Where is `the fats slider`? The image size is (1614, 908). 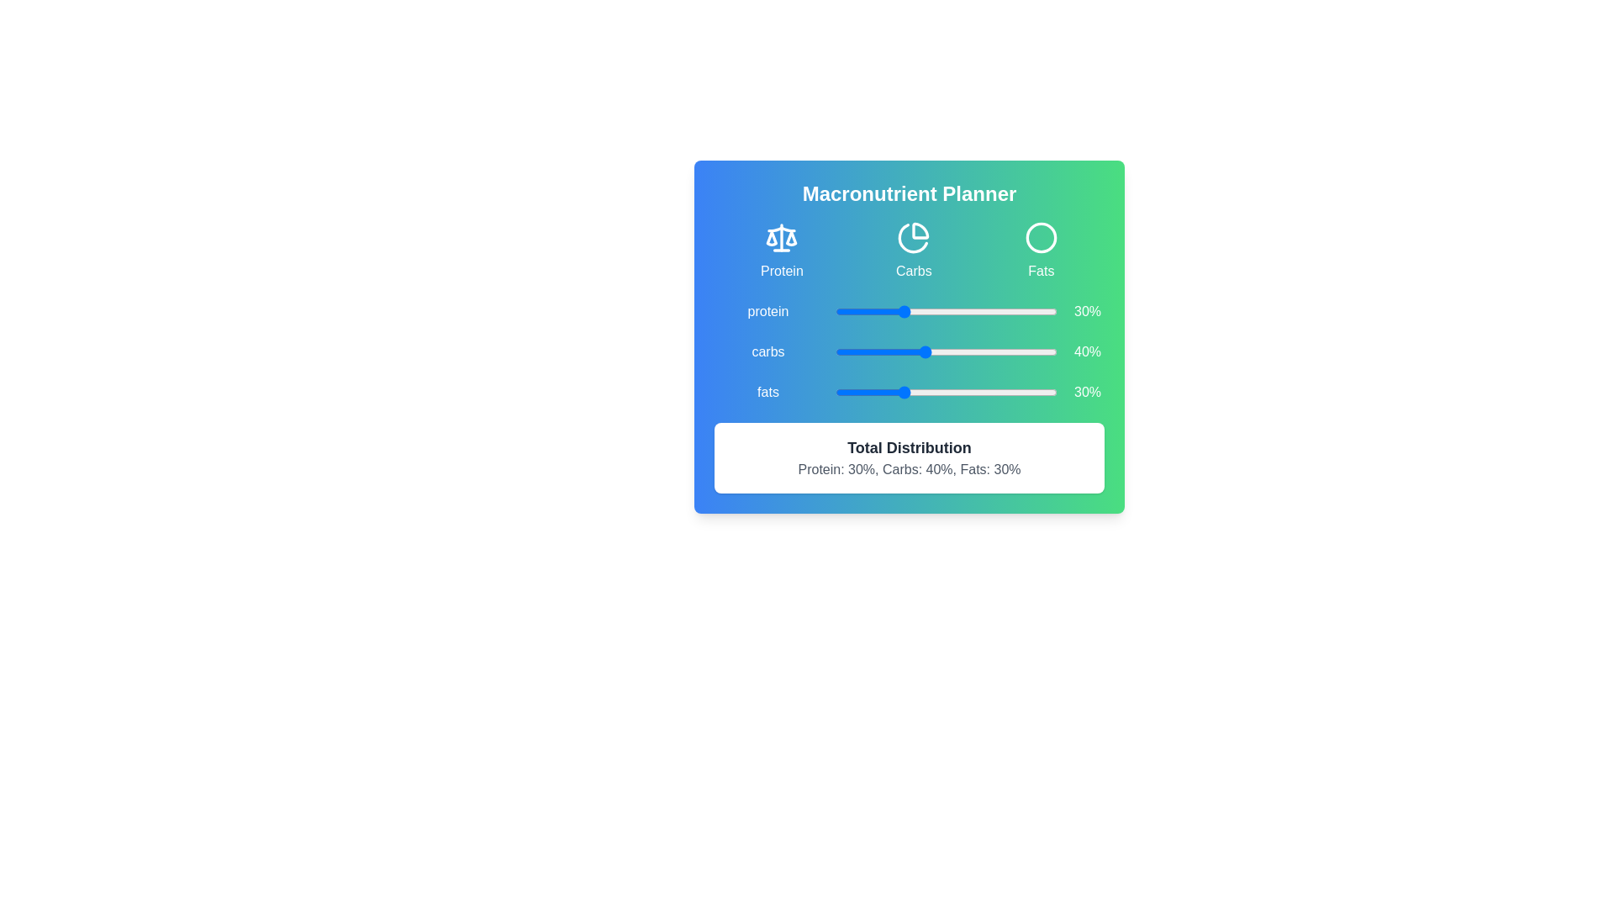 the fats slider is located at coordinates (905, 392).